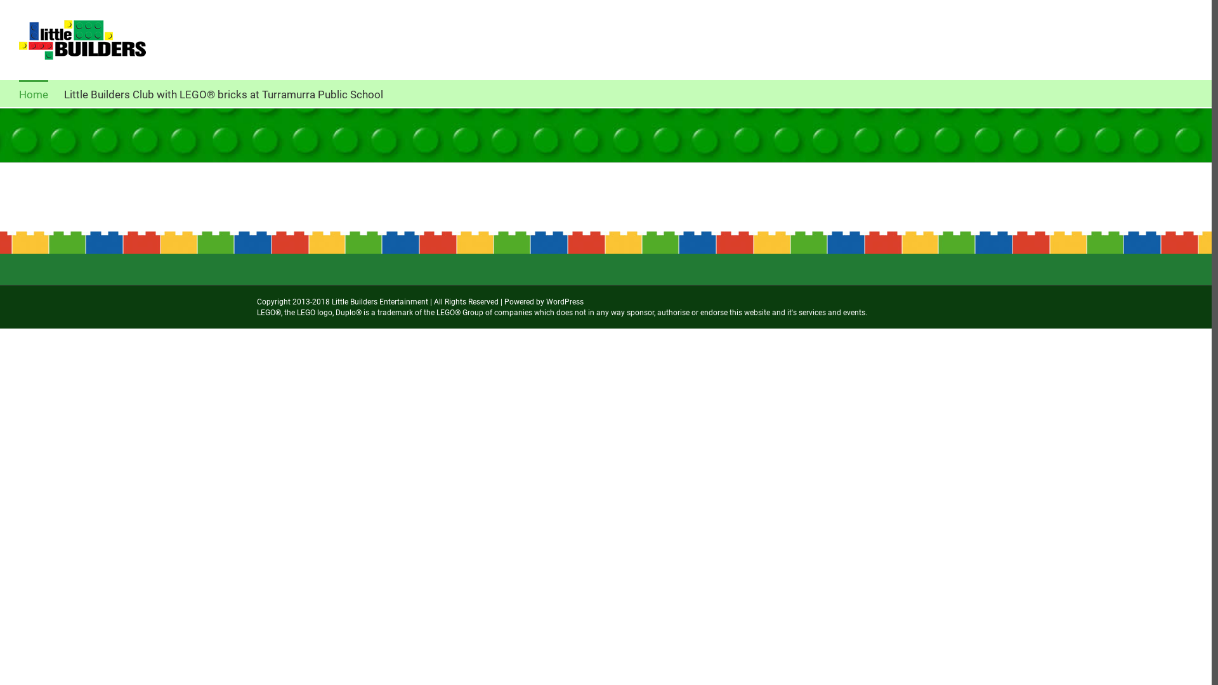 The image size is (1218, 685). What do you see at coordinates (564, 301) in the screenshot?
I see `'WordPress'` at bounding box center [564, 301].